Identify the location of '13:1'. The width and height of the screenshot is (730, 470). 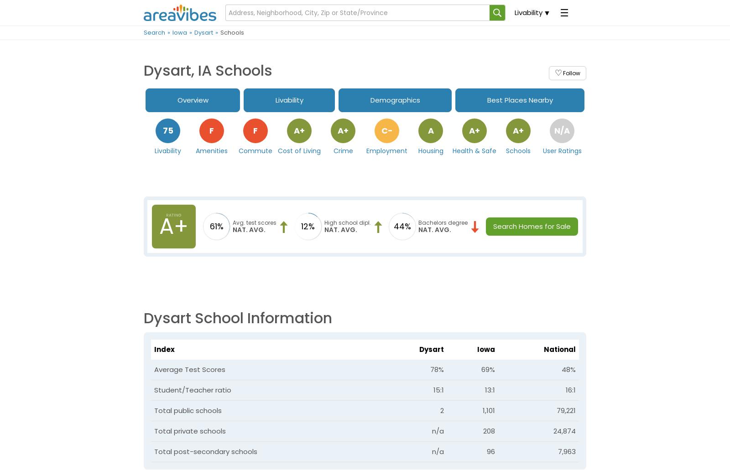
(489, 389).